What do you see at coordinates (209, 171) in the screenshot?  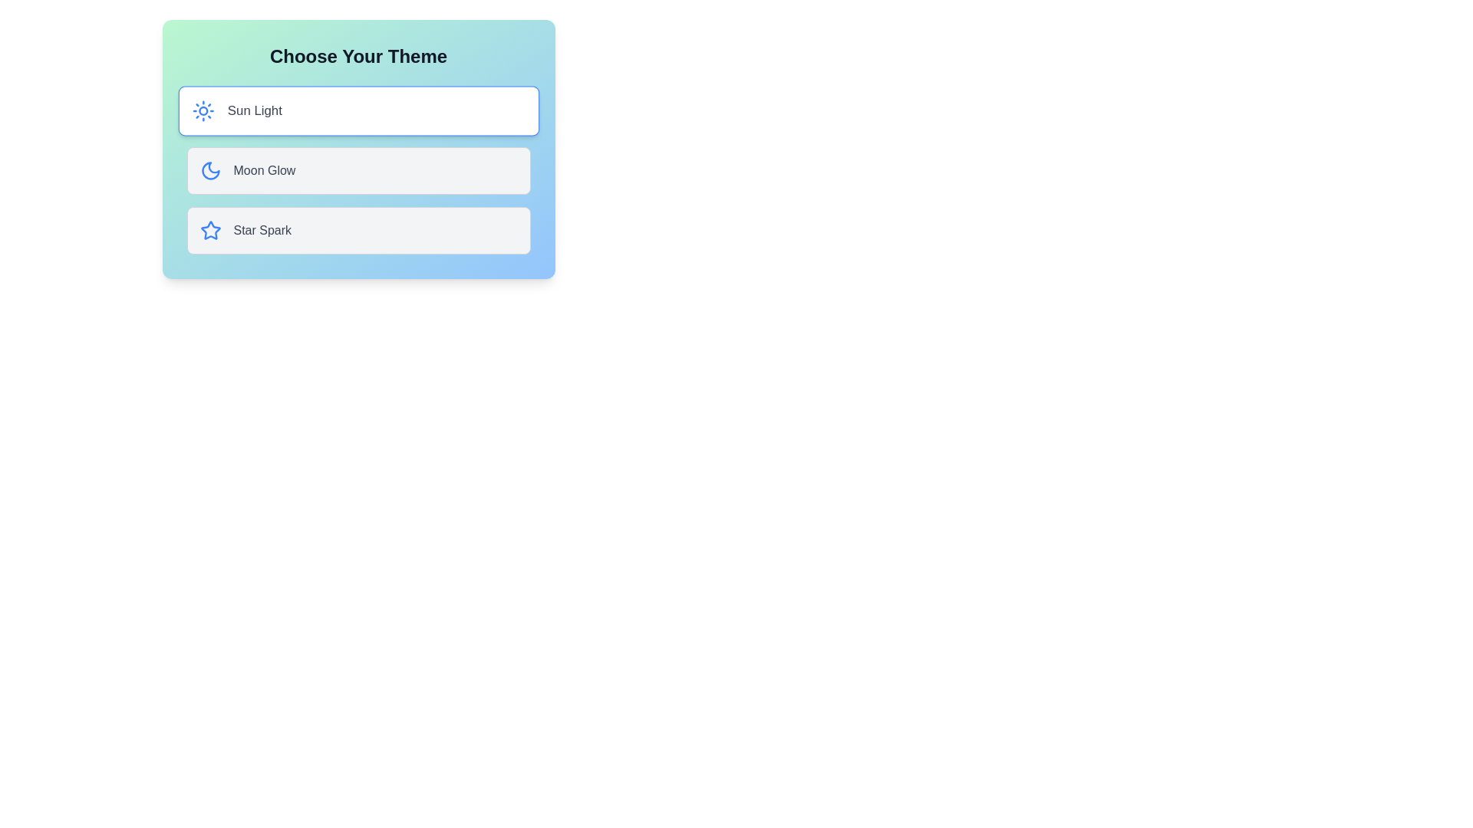 I see `the moon-shaped icon outlined in blue, located within the 'Moon Glow' option of the theme selection menu` at bounding box center [209, 171].